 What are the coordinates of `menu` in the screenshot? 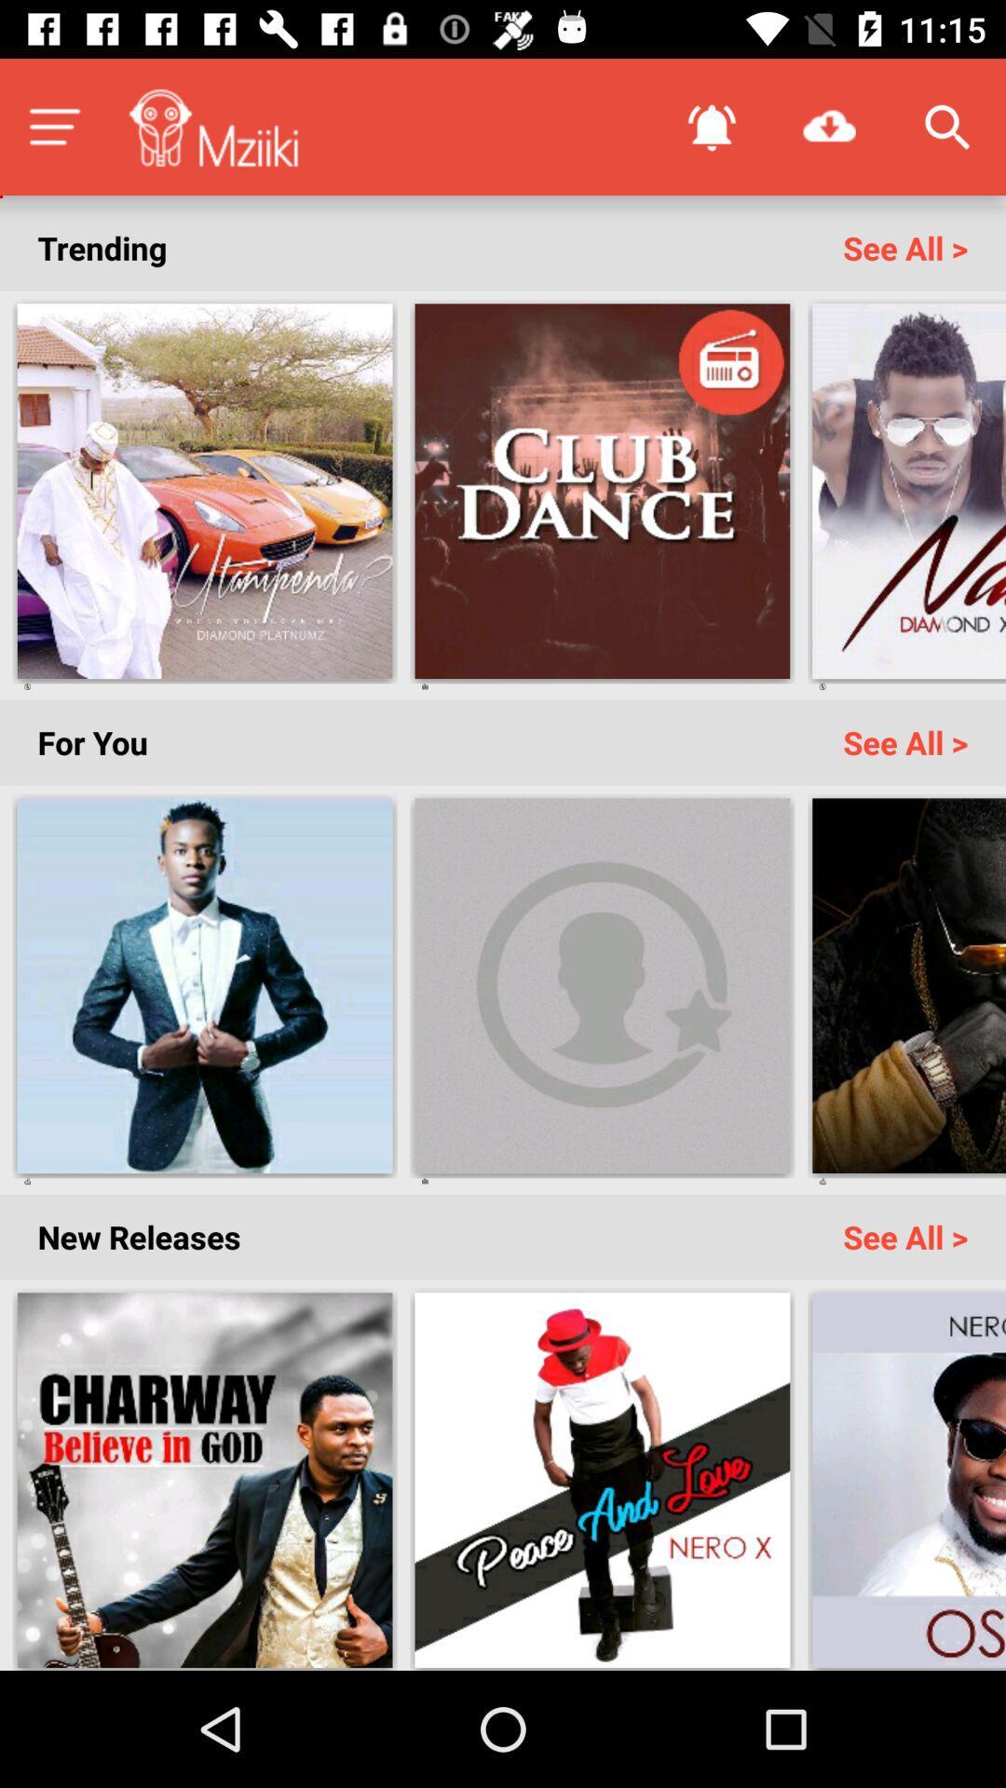 It's located at (53, 126).